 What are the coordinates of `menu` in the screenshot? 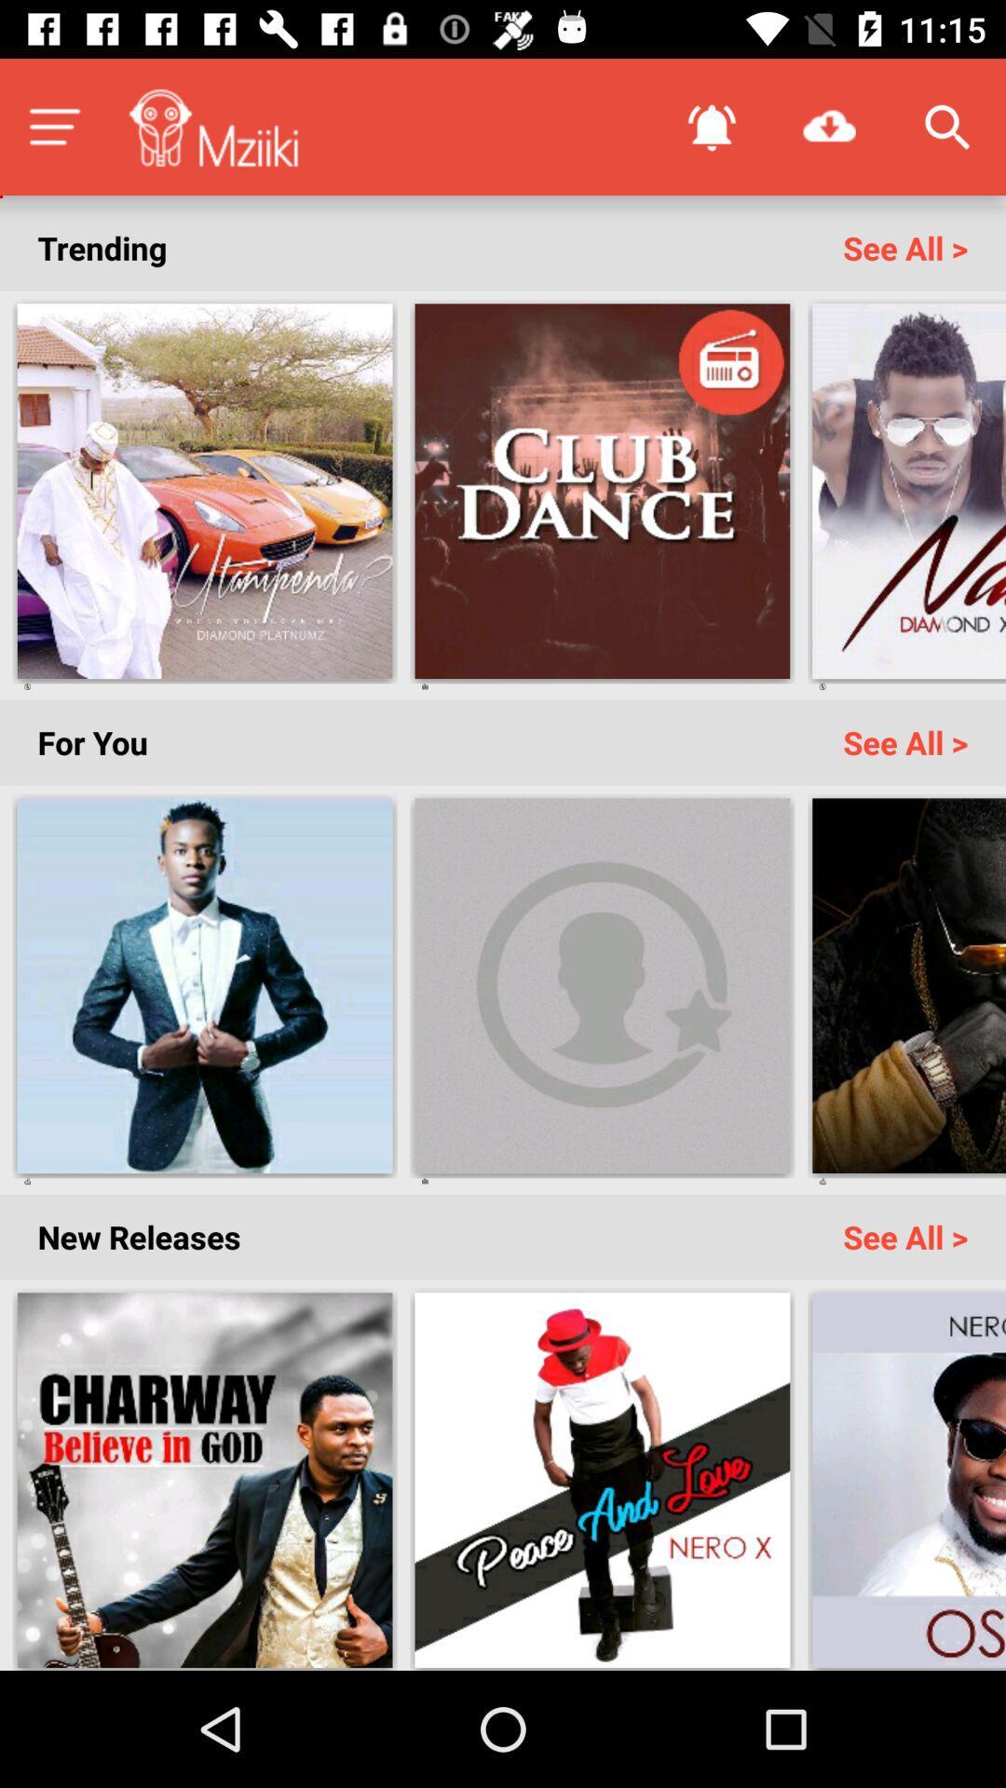 It's located at (53, 126).